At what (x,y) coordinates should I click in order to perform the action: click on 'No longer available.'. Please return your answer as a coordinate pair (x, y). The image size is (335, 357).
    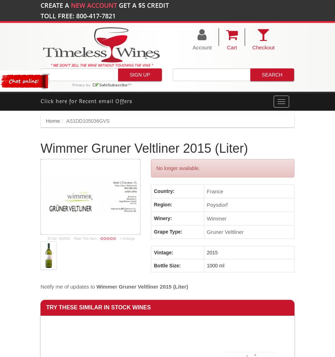
    Looking at the image, I should click on (156, 168).